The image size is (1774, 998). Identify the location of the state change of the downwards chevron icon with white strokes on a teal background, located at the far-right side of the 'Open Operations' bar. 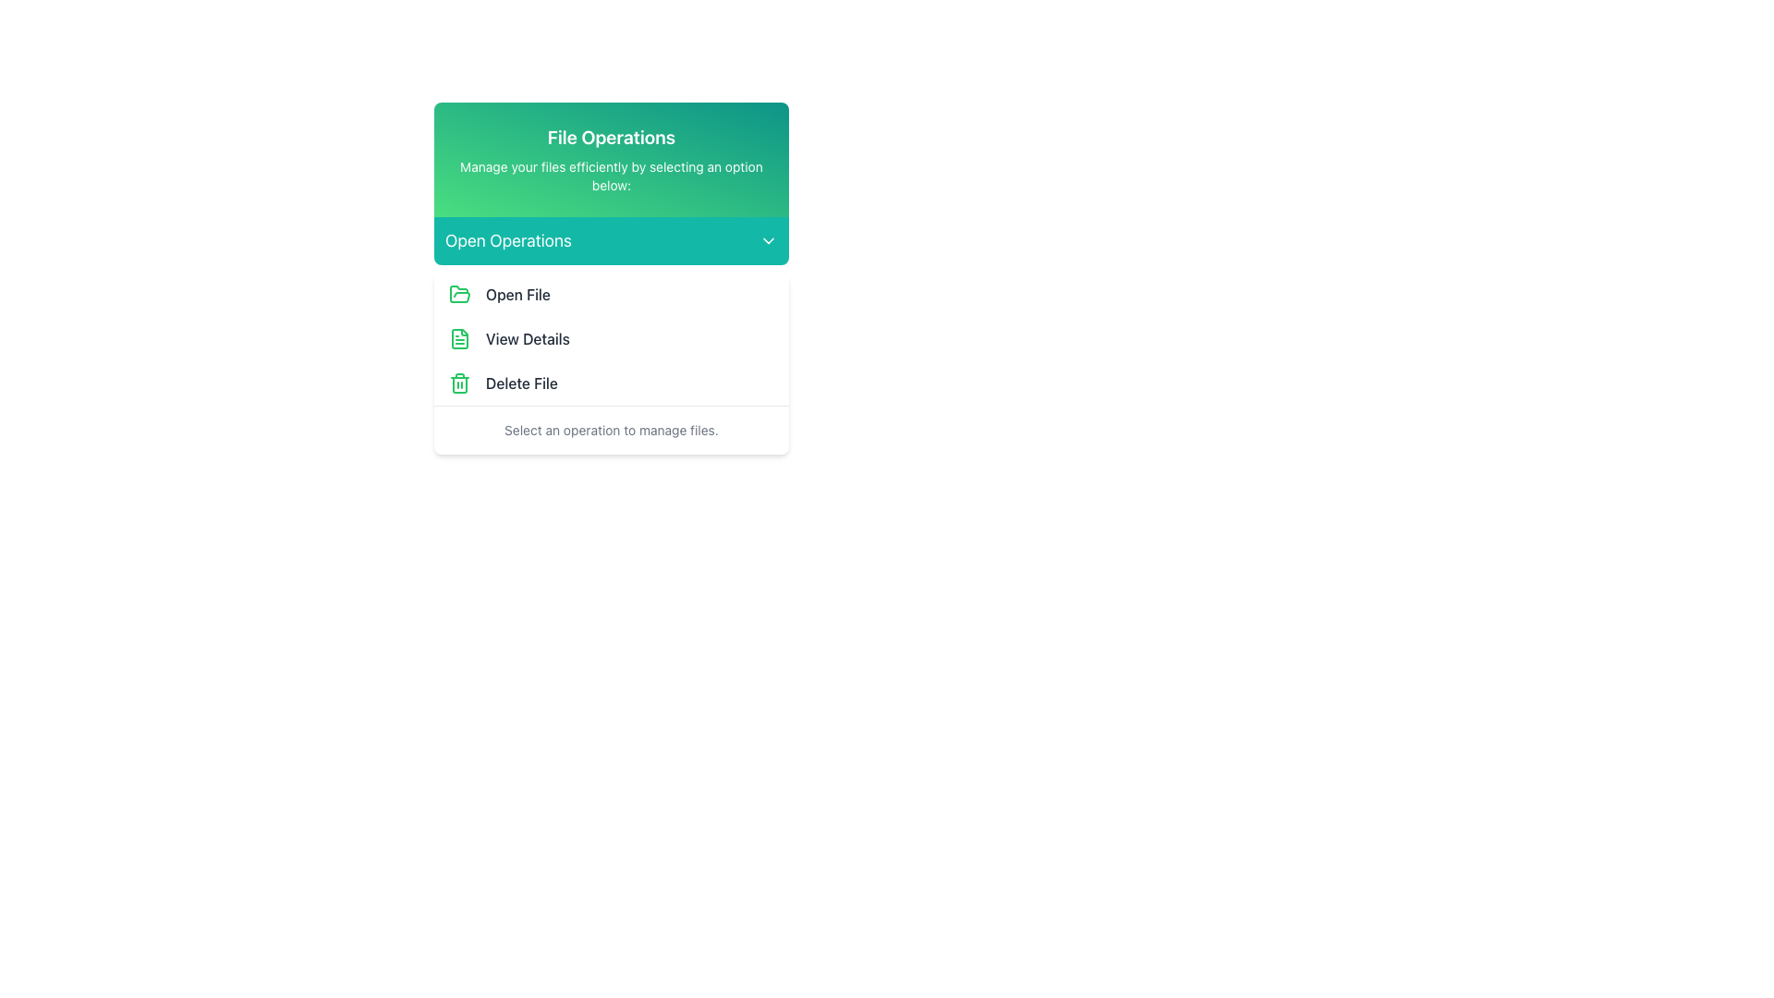
(768, 240).